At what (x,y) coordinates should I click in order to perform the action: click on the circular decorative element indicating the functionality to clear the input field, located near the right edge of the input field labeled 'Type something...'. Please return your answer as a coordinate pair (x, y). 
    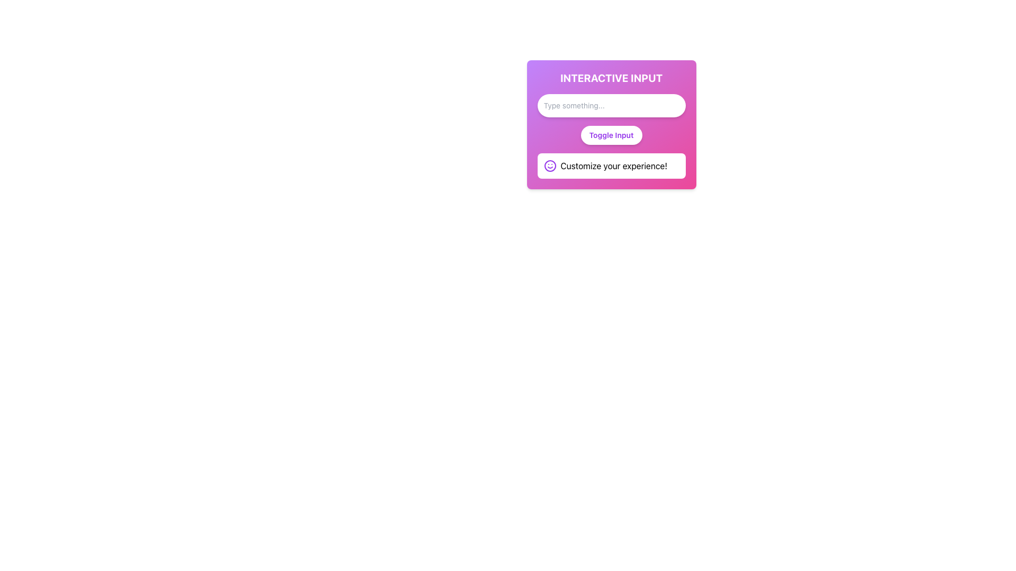
    Looking at the image, I should click on (673, 106).